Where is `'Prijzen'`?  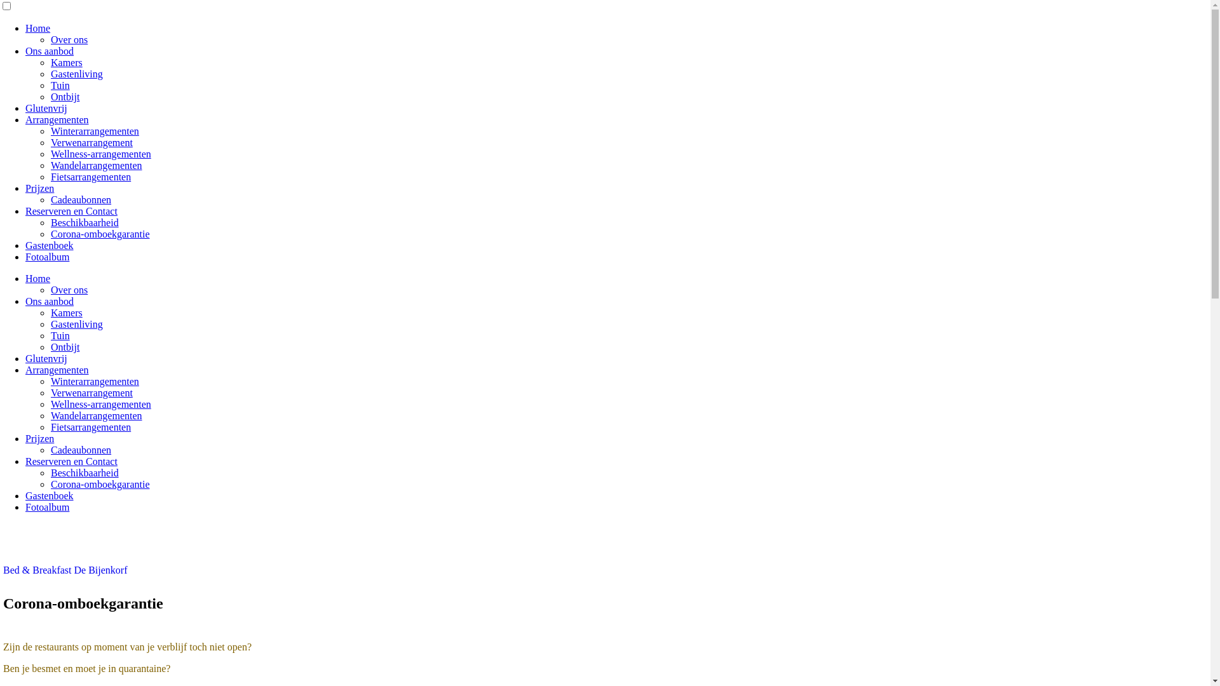 'Prijzen' is located at coordinates (25, 438).